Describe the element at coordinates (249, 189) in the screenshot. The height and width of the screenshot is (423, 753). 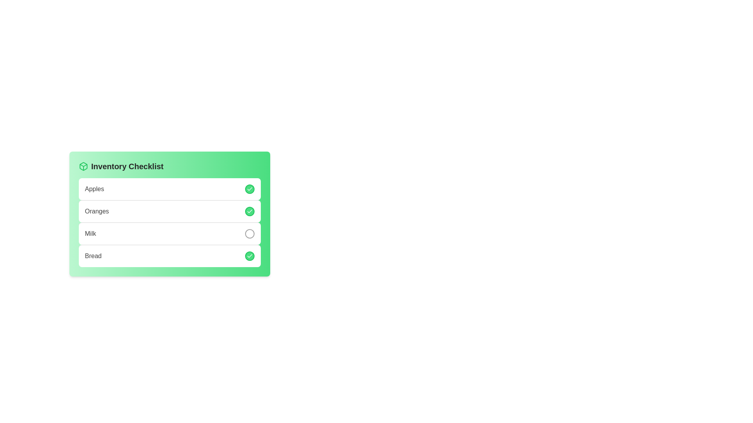
I see `the toggle checkbox for the 'Apples' item in the checklist` at that location.